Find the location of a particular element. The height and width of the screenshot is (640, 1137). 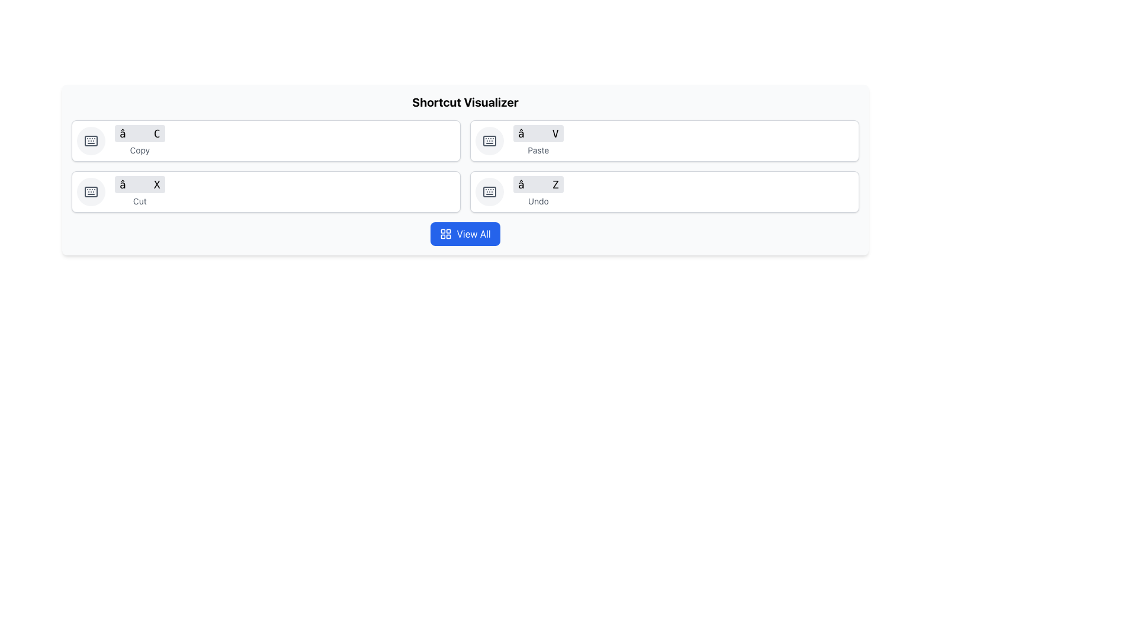

the circular icon button with a keyboard-like icon, which is located within the 'Copy' shortcut card in the first row of shortcut actions under the 'Shortcut Visualizer' is located at coordinates (90, 140).